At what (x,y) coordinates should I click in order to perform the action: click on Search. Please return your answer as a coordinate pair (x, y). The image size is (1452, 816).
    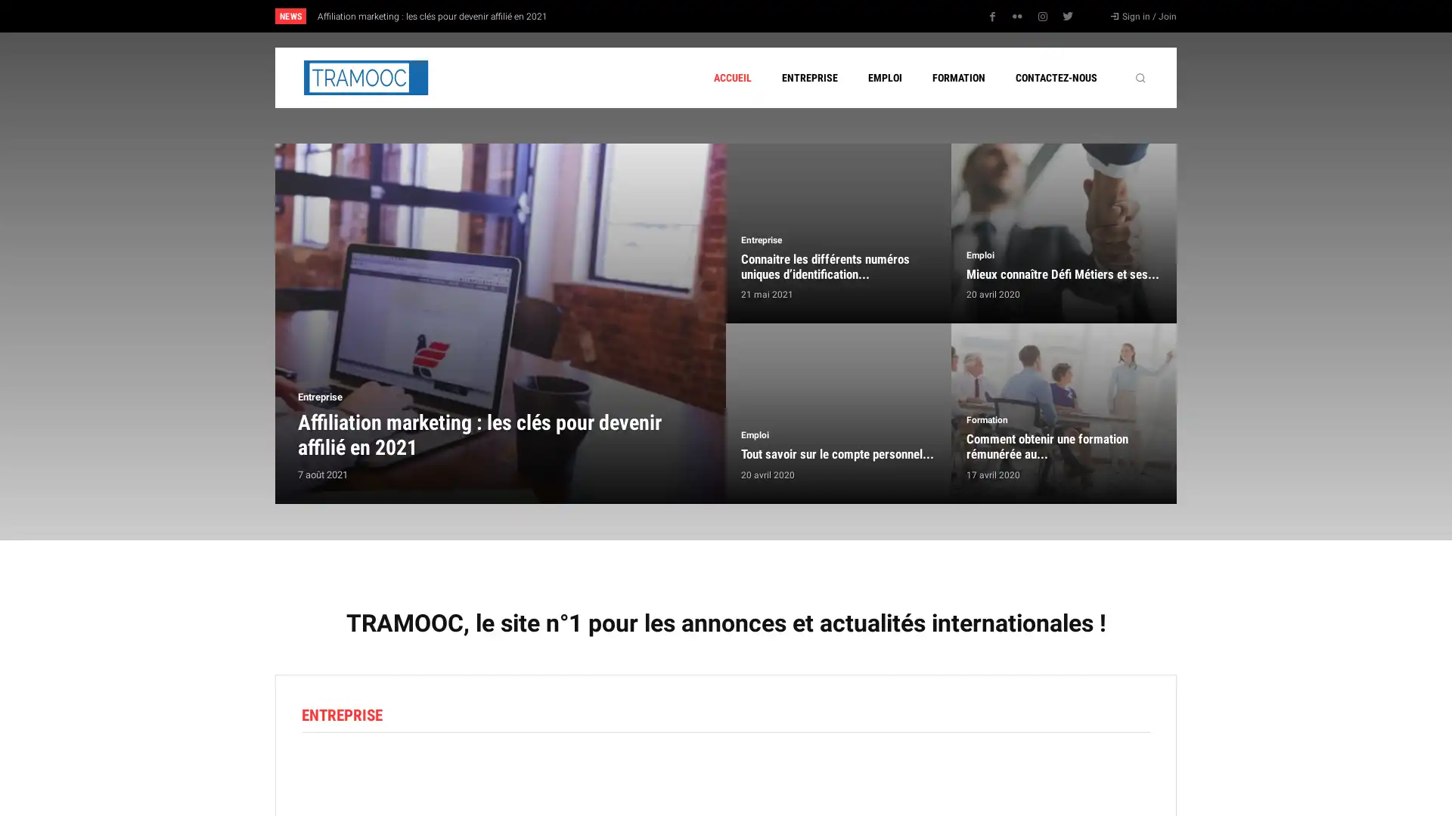
    Looking at the image, I should click on (1140, 77).